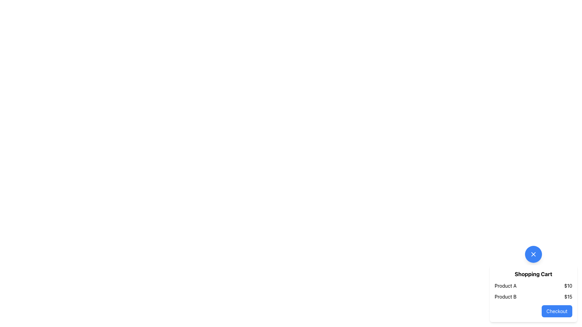 The height and width of the screenshot is (327, 582). Describe the element at coordinates (533, 274) in the screenshot. I see `the 'Shopping Cart' text label displayed in bold at the top of the white card to invoke hover effects` at that location.